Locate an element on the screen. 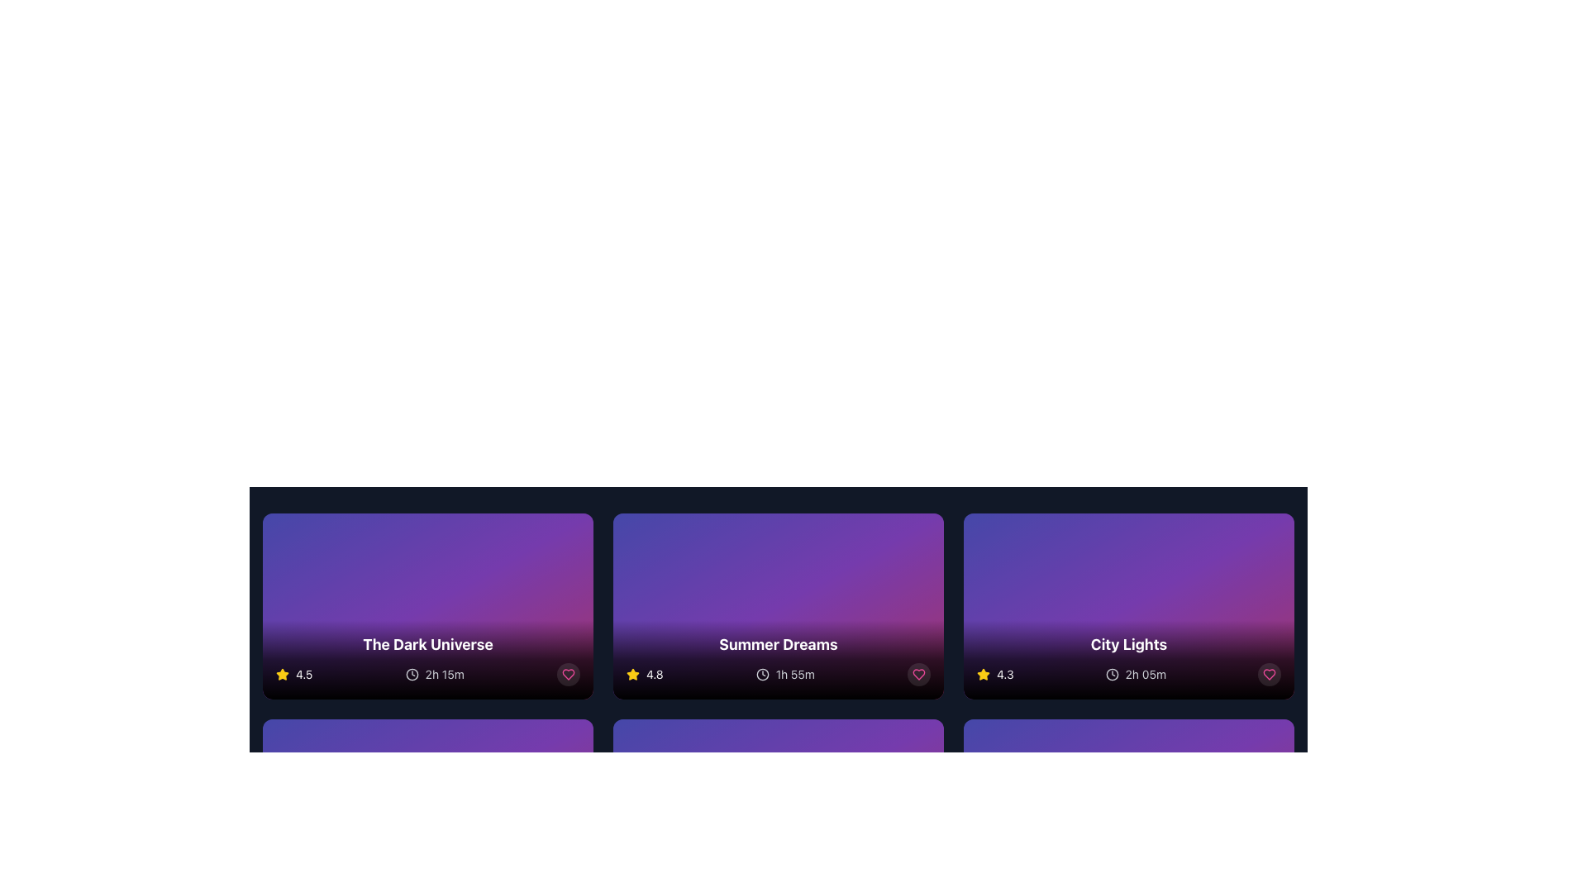 The height and width of the screenshot is (893, 1587). the text label displaying '1h 55m' located adjacent to the clock icon in the bottom section of the 'Summer Dreams' card is located at coordinates (777, 675).